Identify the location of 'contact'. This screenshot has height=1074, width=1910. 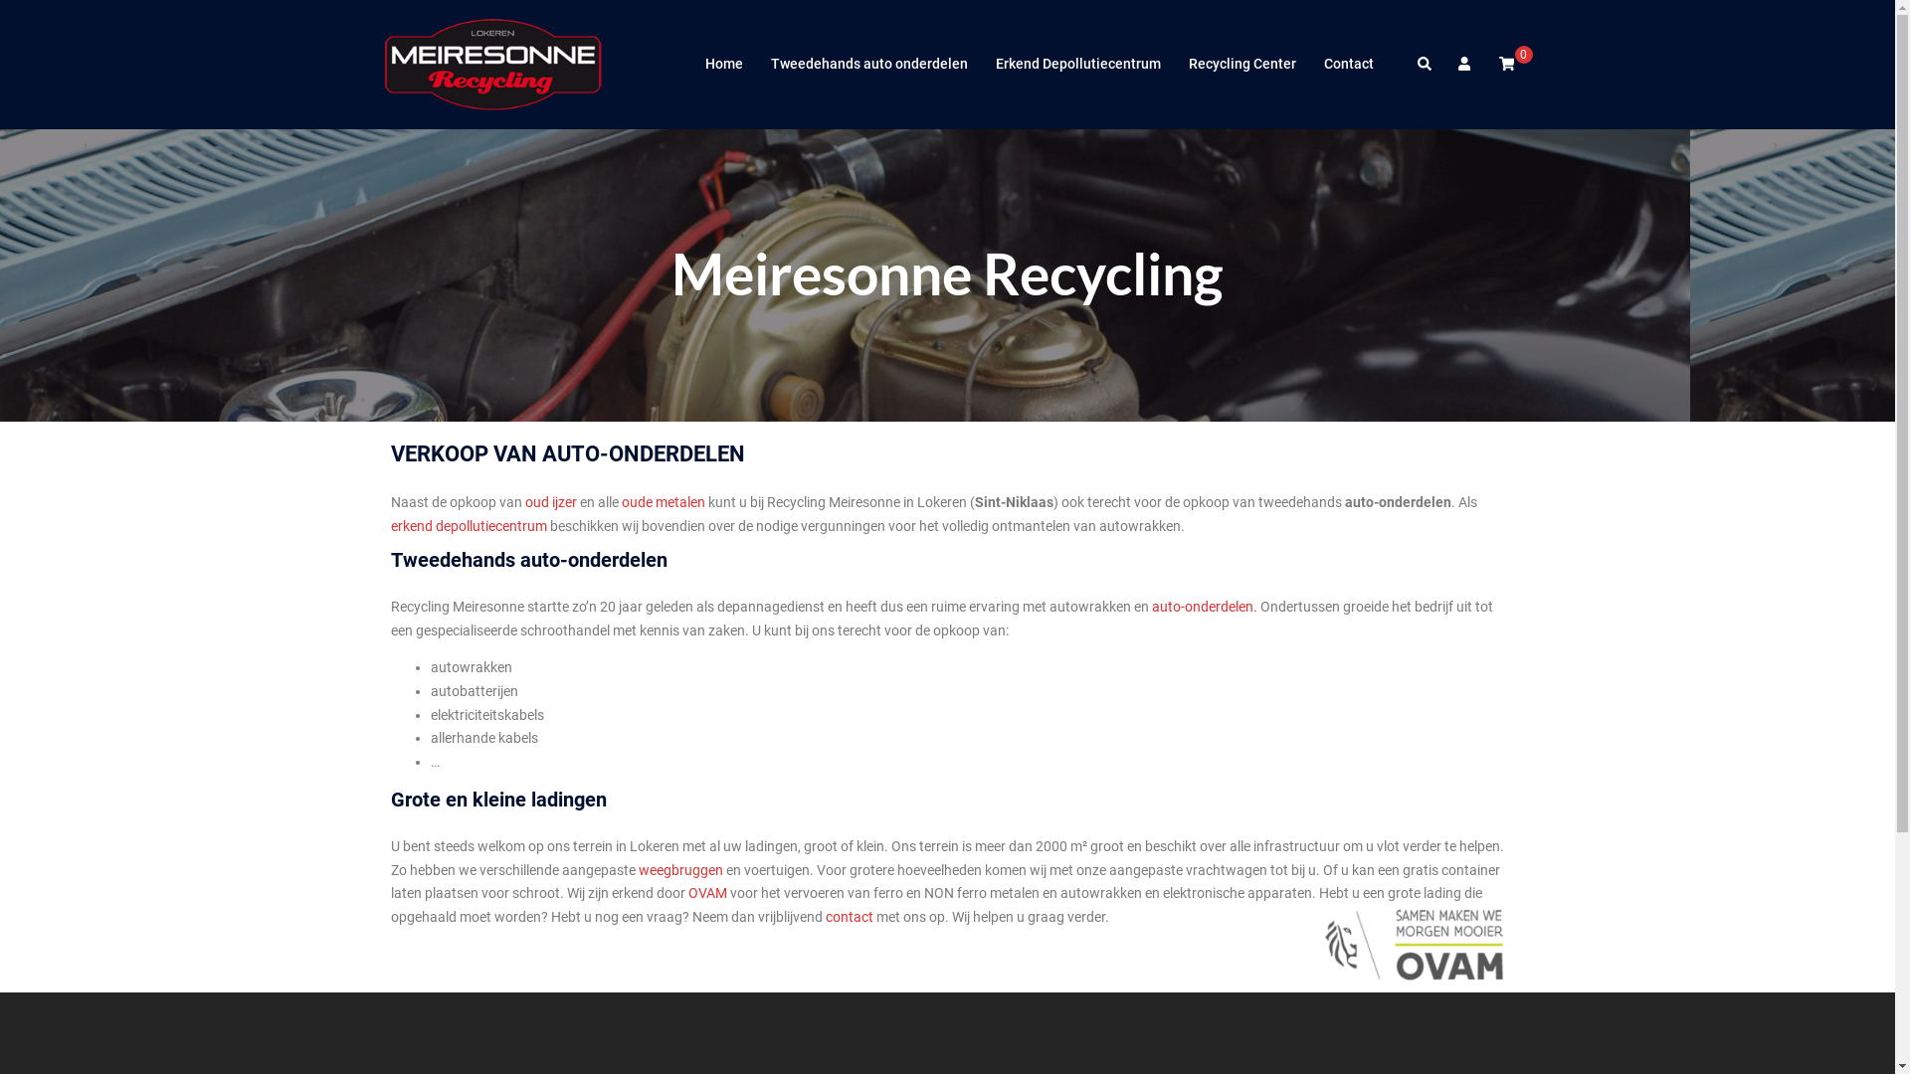
(850, 916).